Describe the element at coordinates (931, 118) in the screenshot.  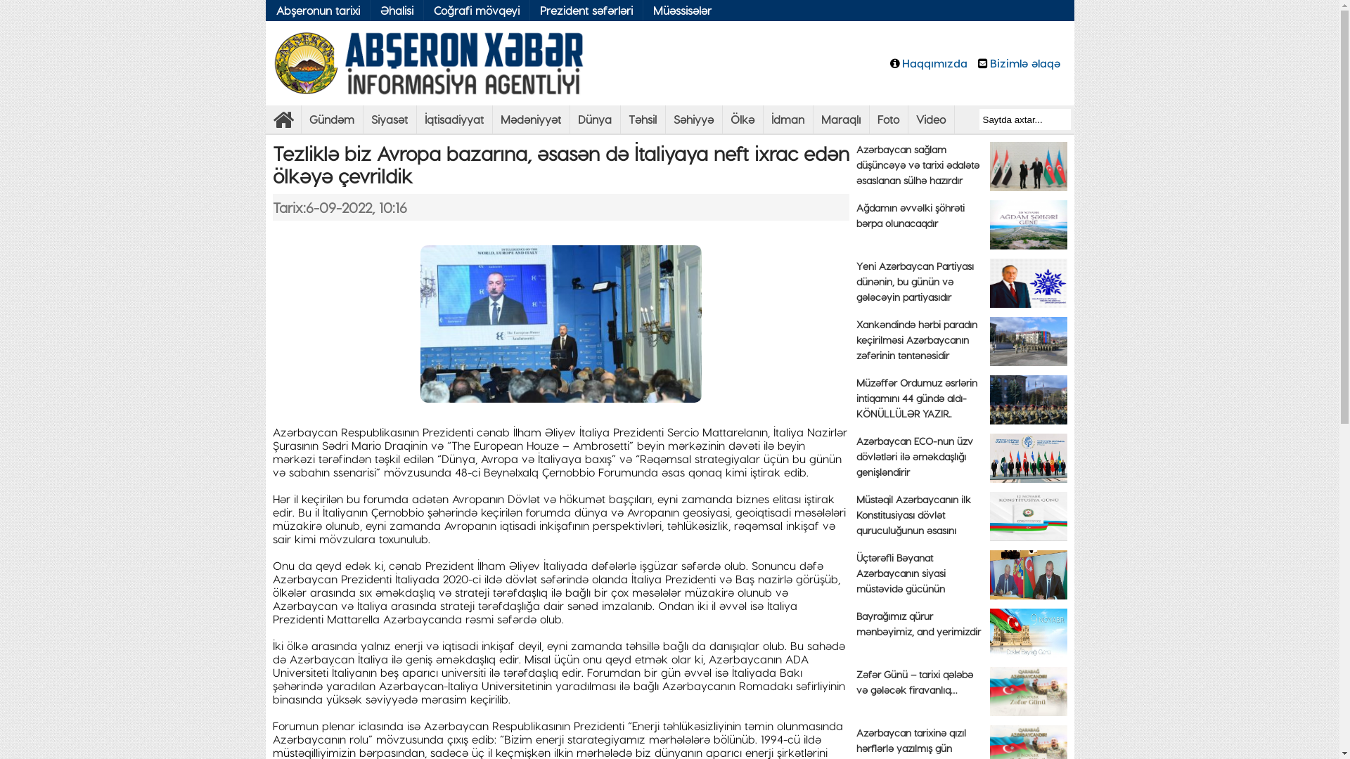
I see `'Video'` at that location.